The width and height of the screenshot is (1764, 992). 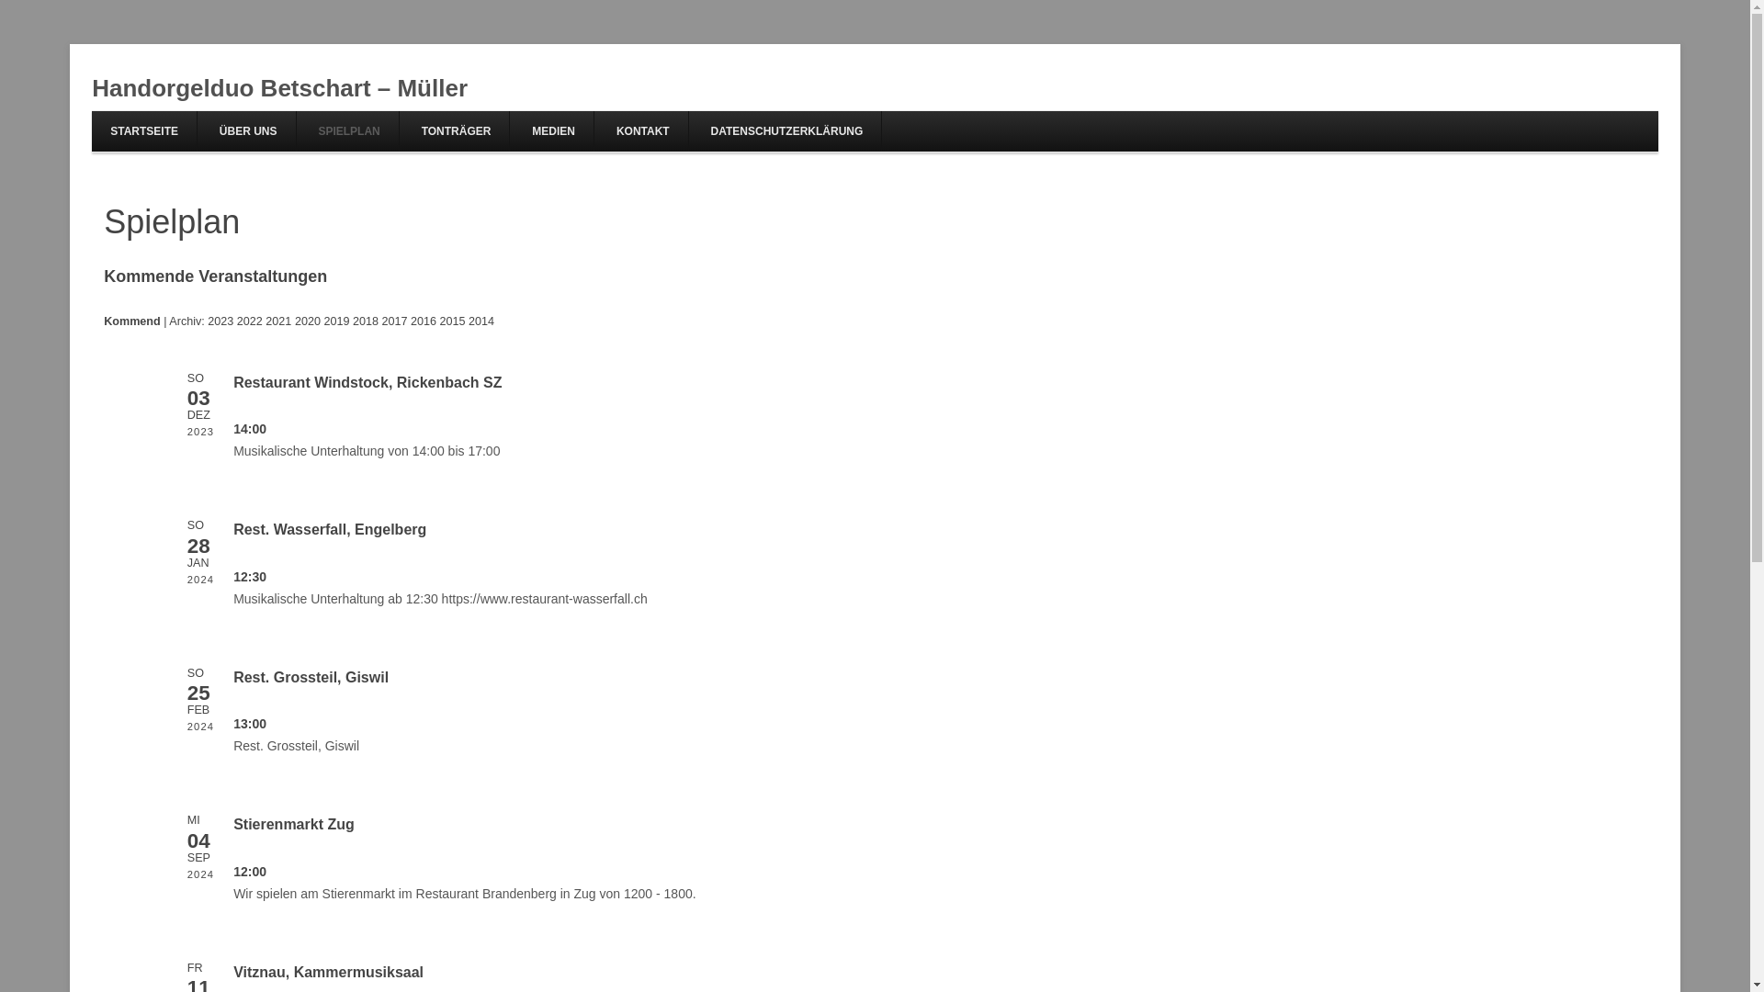 I want to click on '2023', so click(x=220, y=321).